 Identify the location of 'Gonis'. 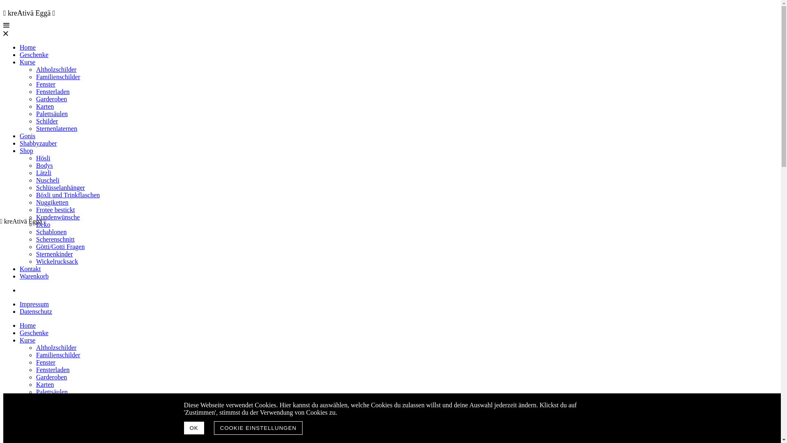
(27, 135).